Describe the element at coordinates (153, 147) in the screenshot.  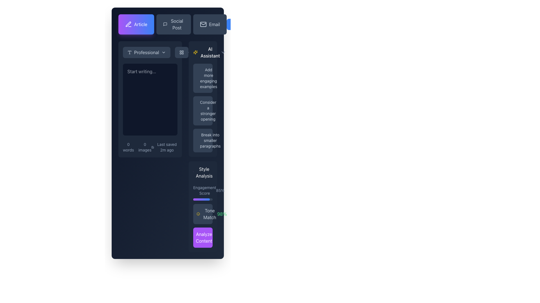
I see `the save status icon, which is a small square-shaped drawing resembling a floppy disk, located to the left of the text 'Last saved 2m ago'` at that location.